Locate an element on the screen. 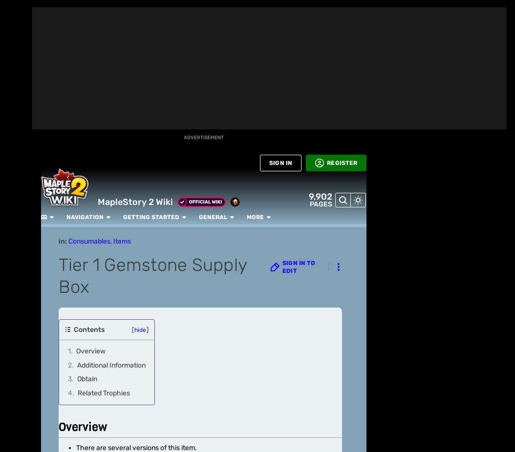 The image size is (515, 452). '! Please consider' is located at coordinates (200, 443).